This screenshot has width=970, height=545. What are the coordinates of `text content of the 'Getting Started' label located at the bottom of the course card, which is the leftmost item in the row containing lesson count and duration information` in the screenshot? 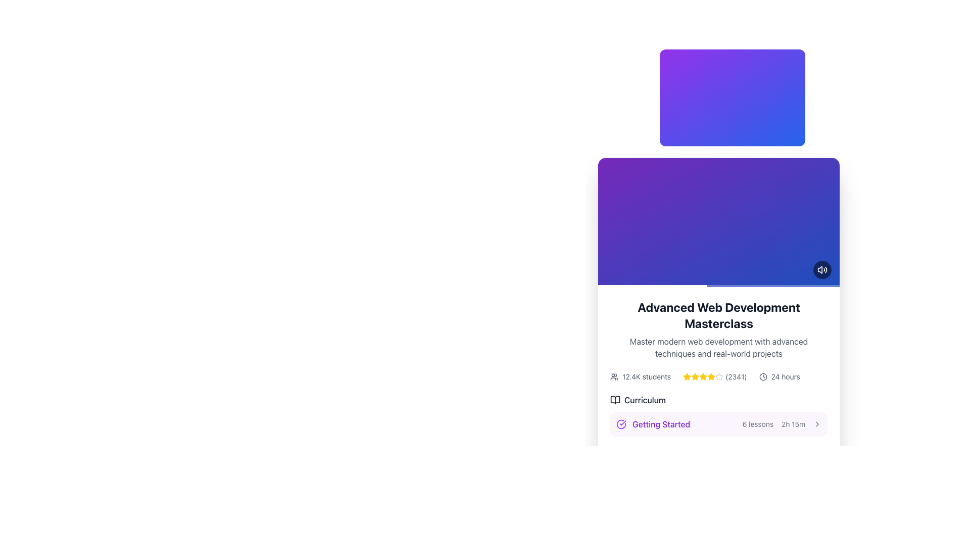 It's located at (653, 424).